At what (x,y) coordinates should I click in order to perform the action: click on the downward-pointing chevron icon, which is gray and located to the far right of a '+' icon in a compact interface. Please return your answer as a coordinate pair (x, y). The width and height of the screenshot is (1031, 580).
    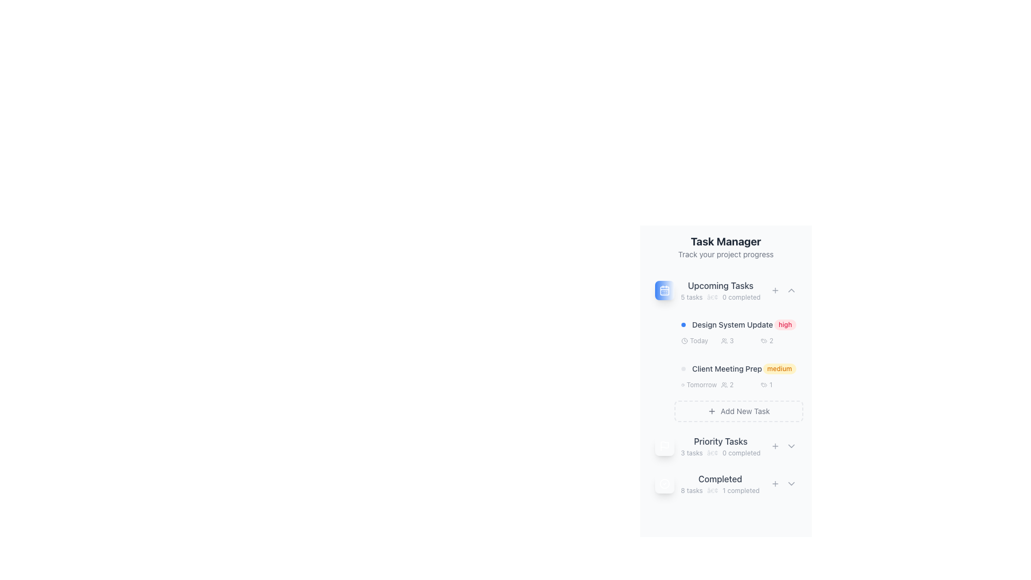
    Looking at the image, I should click on (791, 290).